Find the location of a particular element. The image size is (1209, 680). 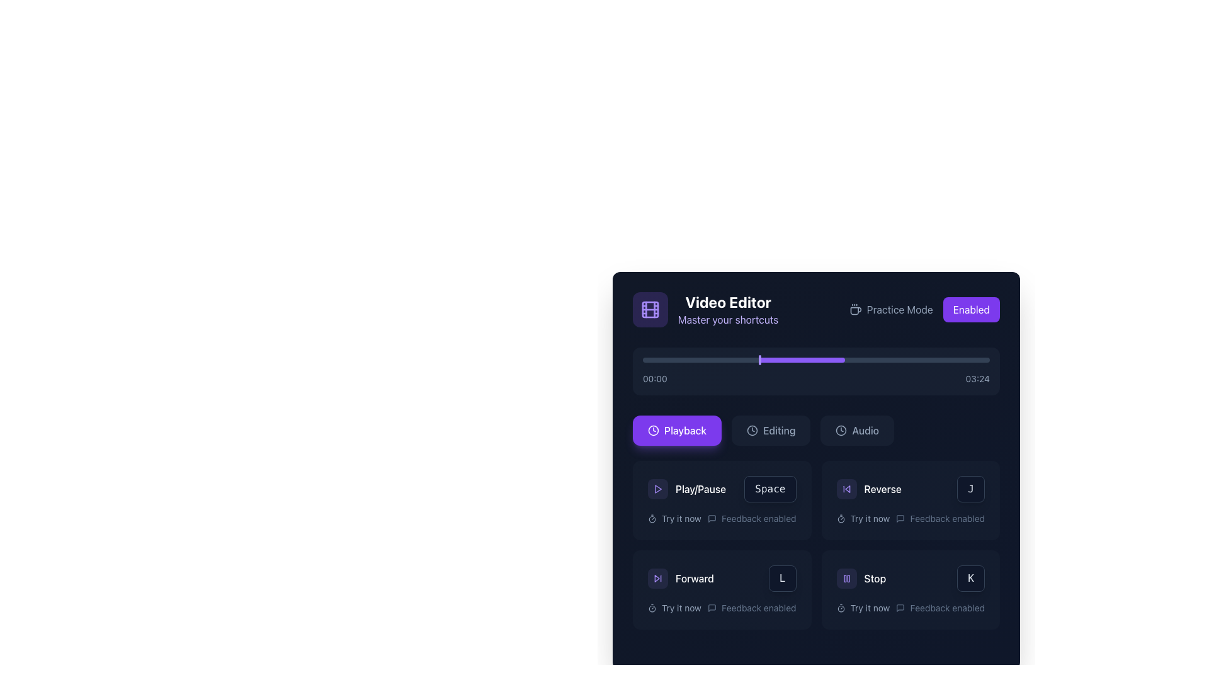

the 'J' icon on the dark rounded background located at the bottom right corner of the 'Reverse' button is located at coordinates (970, 488).